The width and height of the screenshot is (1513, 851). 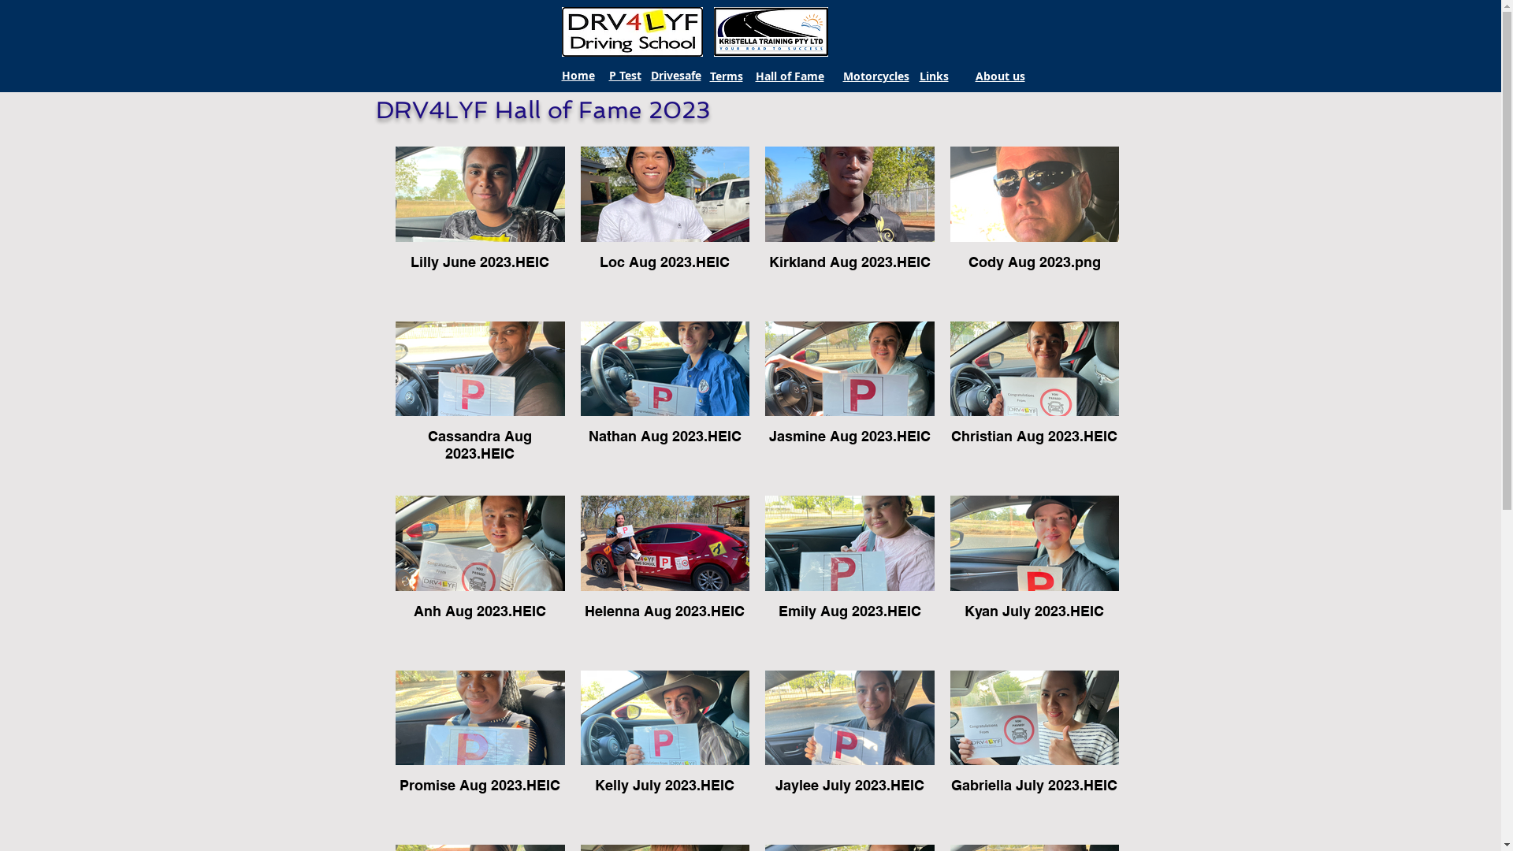 What do you see at coordinates (999, 76) in the screenshot?
I see `'About us'` at bounding box center [999, 76].